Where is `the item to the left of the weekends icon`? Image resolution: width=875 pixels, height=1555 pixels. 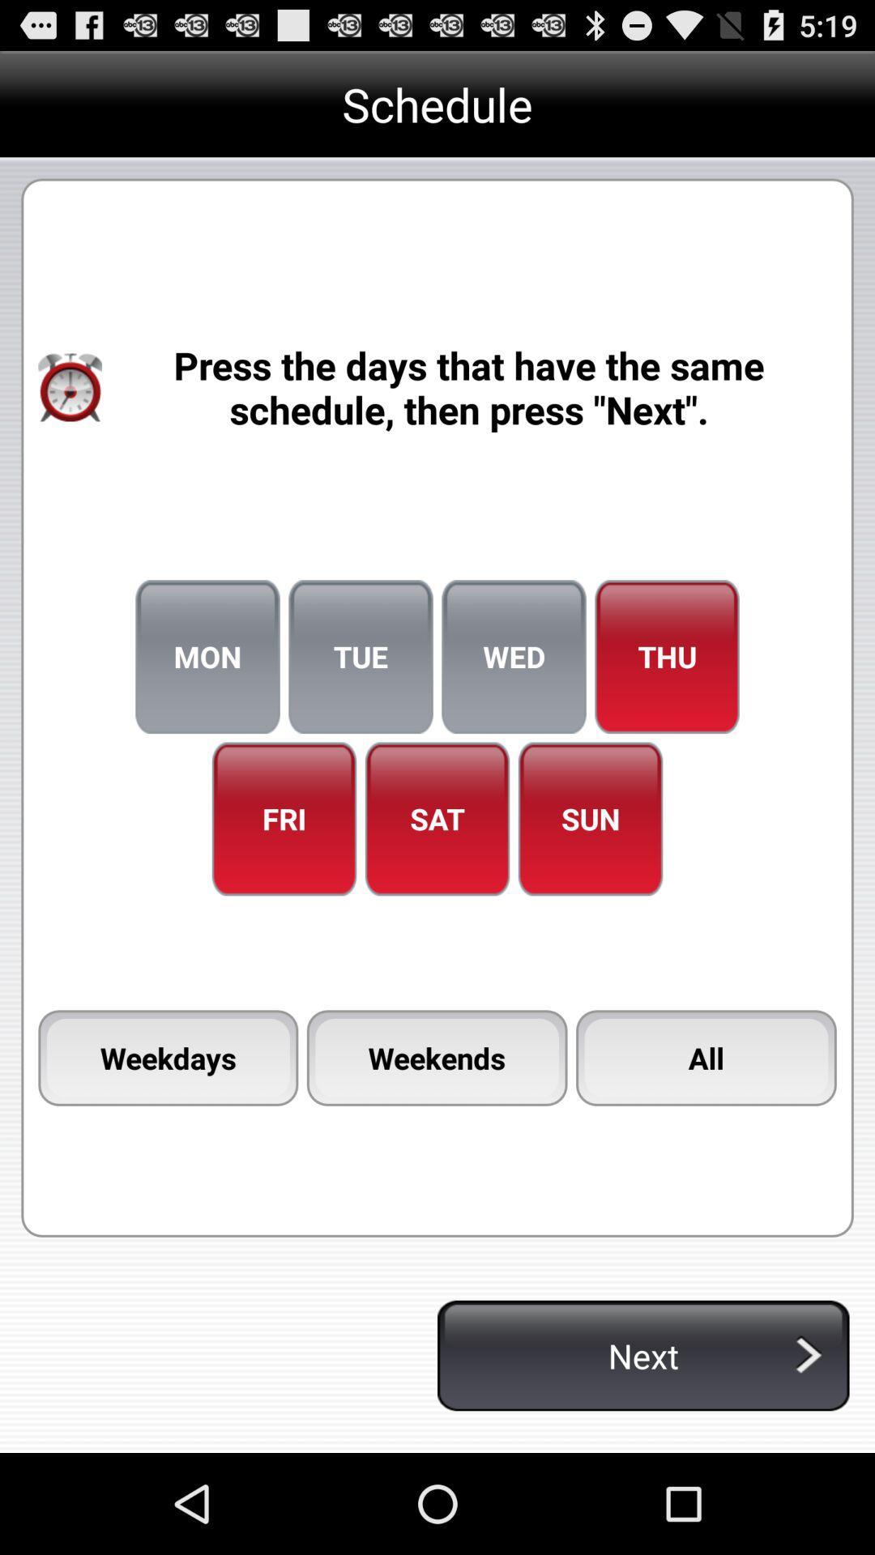 the item to the left of the weekends icon is located at coordinates (168, 1058).